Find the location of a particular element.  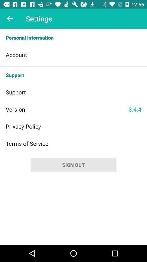

the sign out icon is located at coordinates (73, 165).